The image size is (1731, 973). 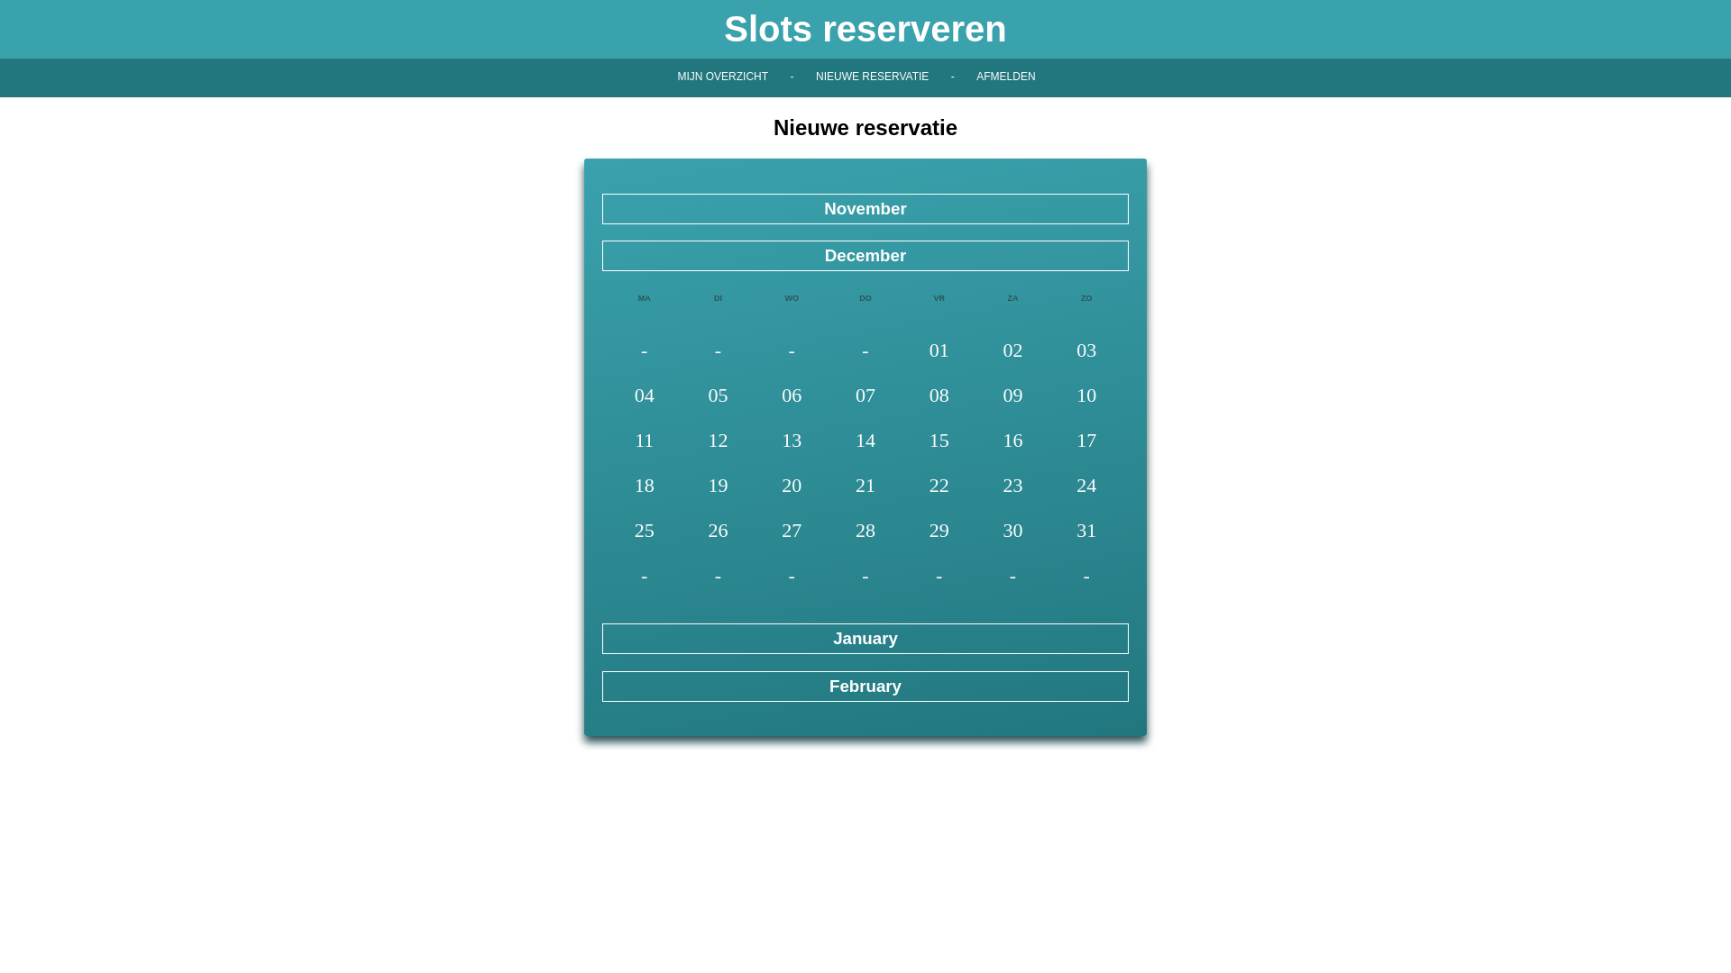 I want to click on '19', so click(x=717, y=486).